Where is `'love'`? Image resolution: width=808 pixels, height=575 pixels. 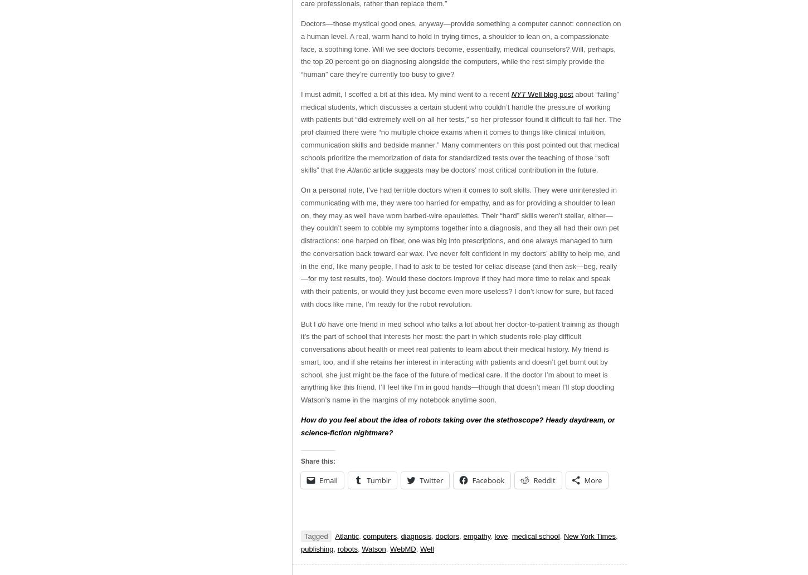
'love' is located at coordinates (500, 535).